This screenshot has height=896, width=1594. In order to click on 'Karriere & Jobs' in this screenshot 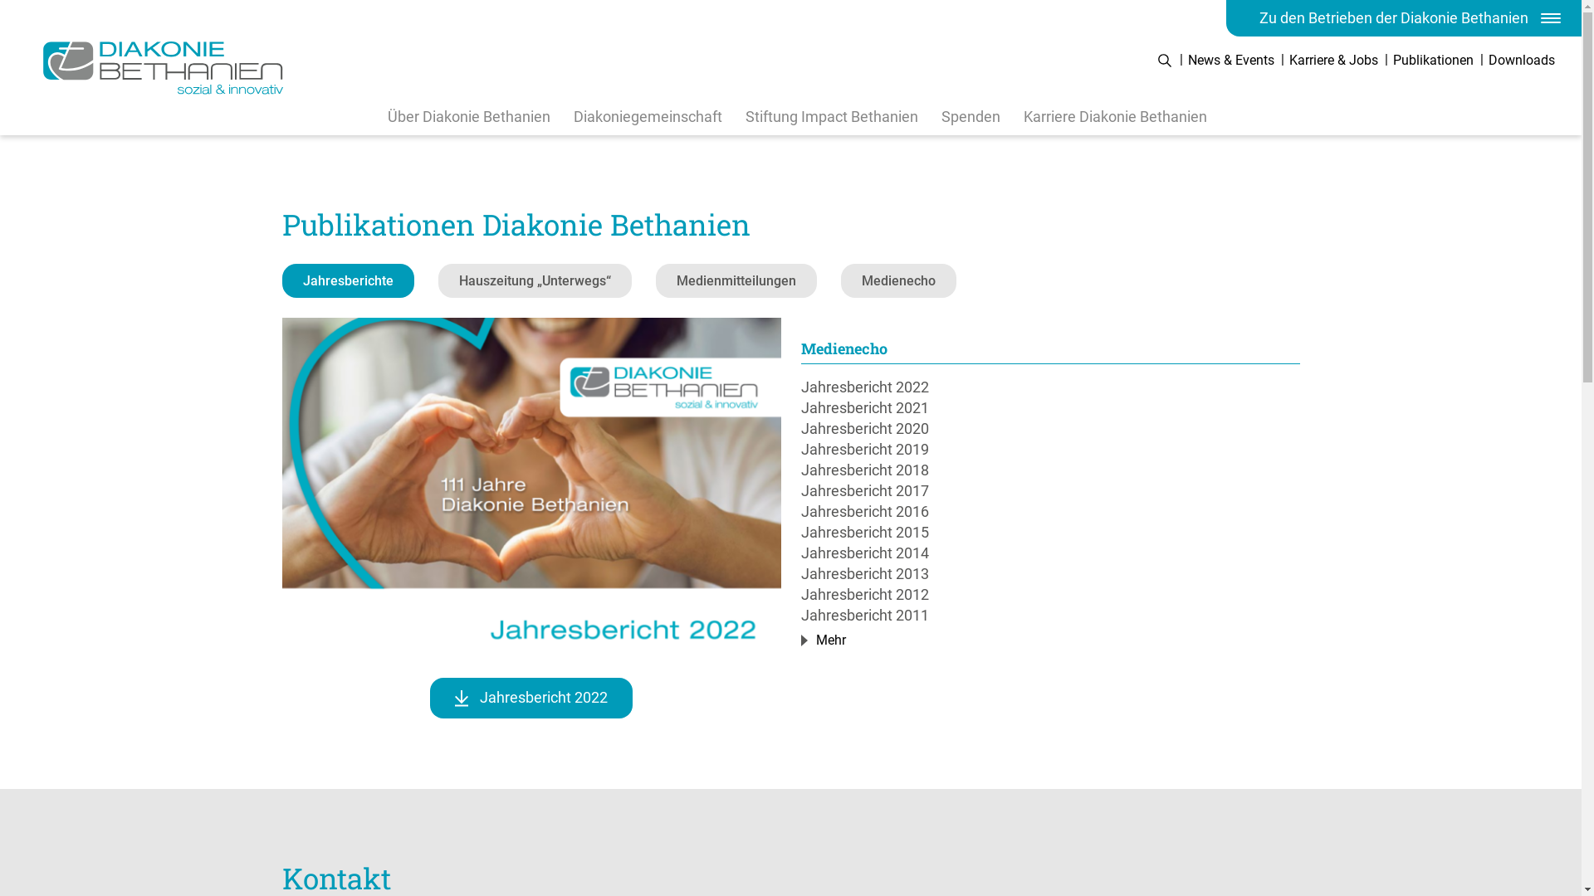, I will do `click(1333, 59)`.